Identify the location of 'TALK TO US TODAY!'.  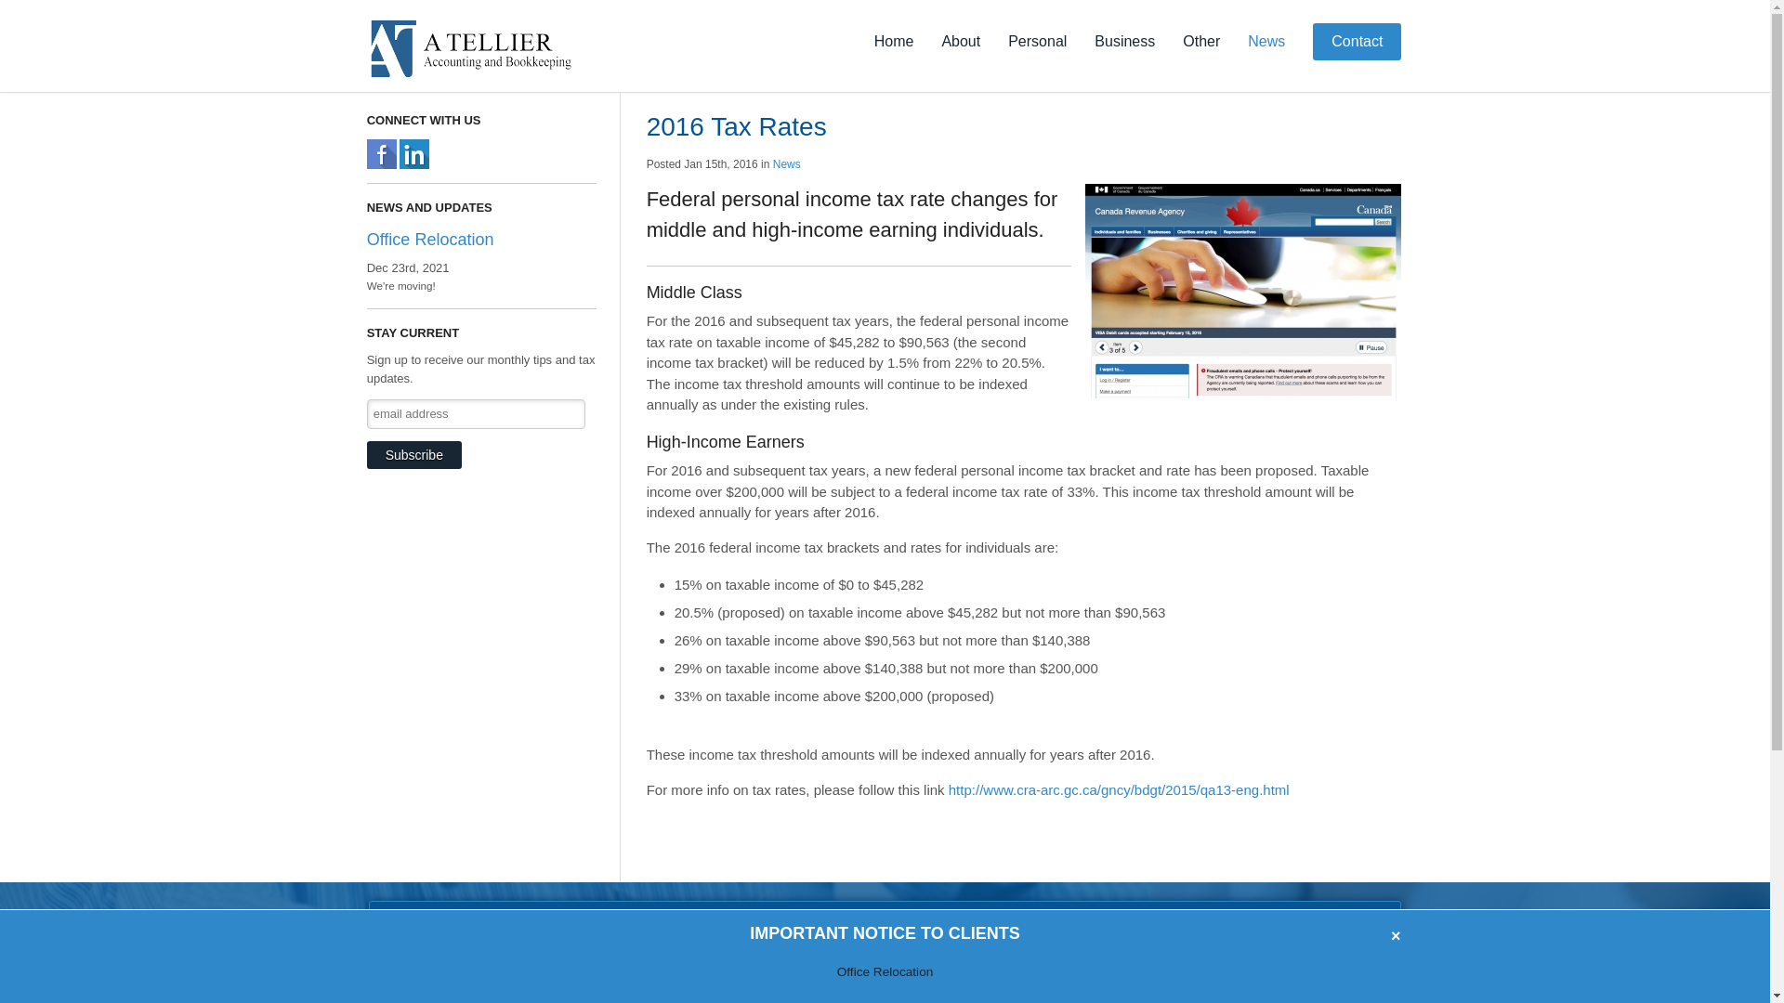
(1264, 949).